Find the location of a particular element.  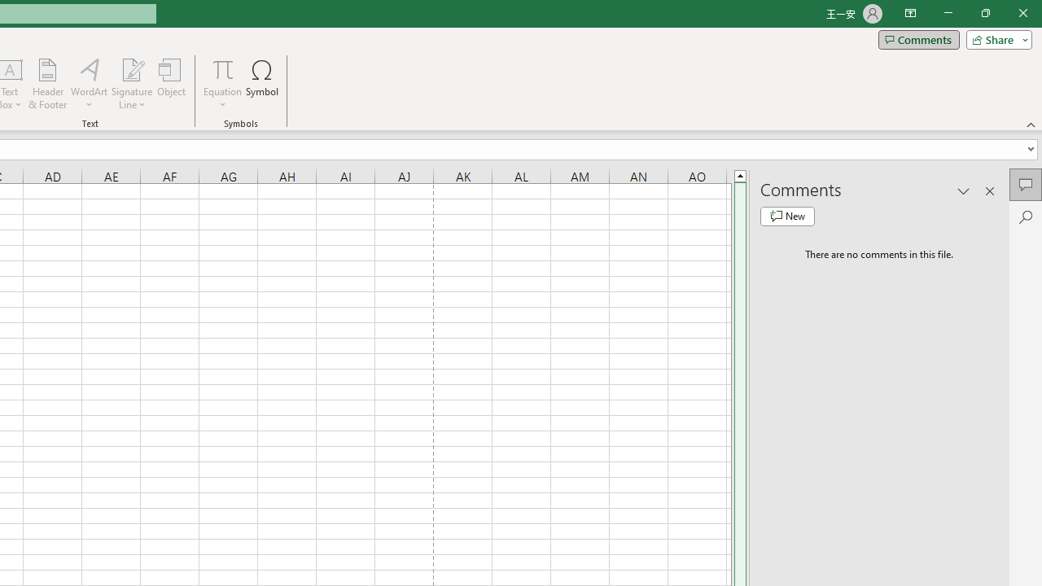

'Comments' is located at coordinates (918, 38).